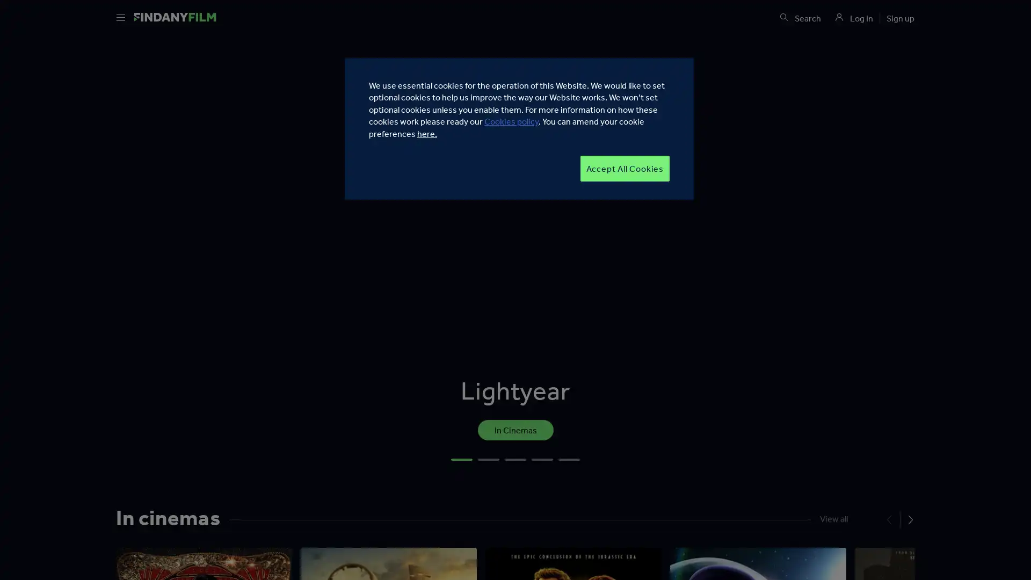 This screenshot has width=1031, height=580. Describe the element at coordinates (625, 168) in the screenshot. I see `Accept All Cookies` at that location.